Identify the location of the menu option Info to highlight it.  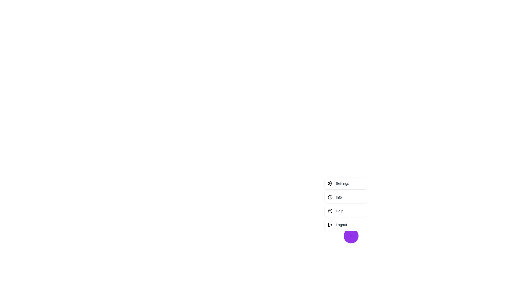
(346, 197).